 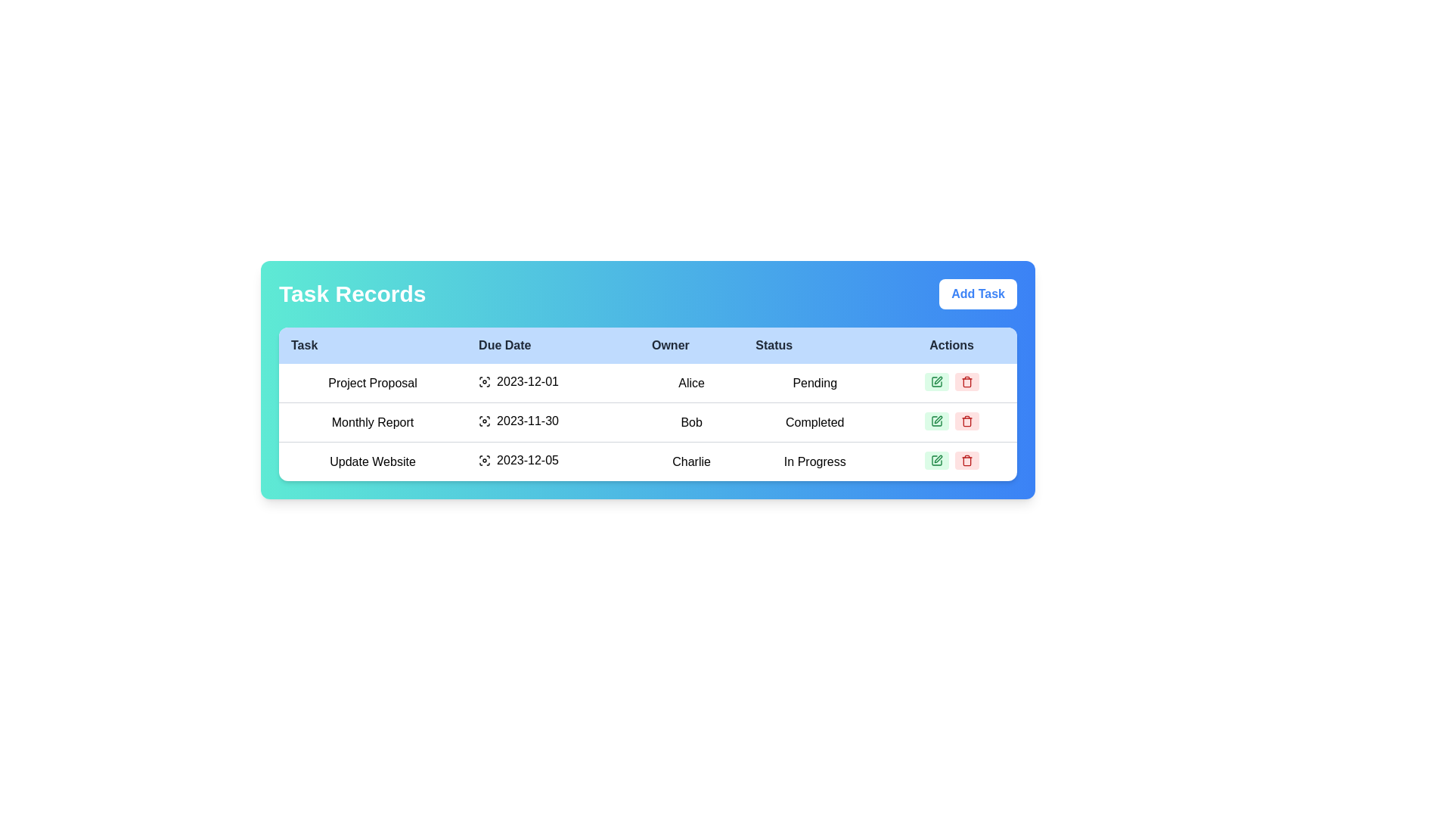 What do you see at coordinates (966, 421) in the screenshot?
I see `the red trash bin icon in the 'Actions' column of the second row in the task table` at bounding box center [966, 421].